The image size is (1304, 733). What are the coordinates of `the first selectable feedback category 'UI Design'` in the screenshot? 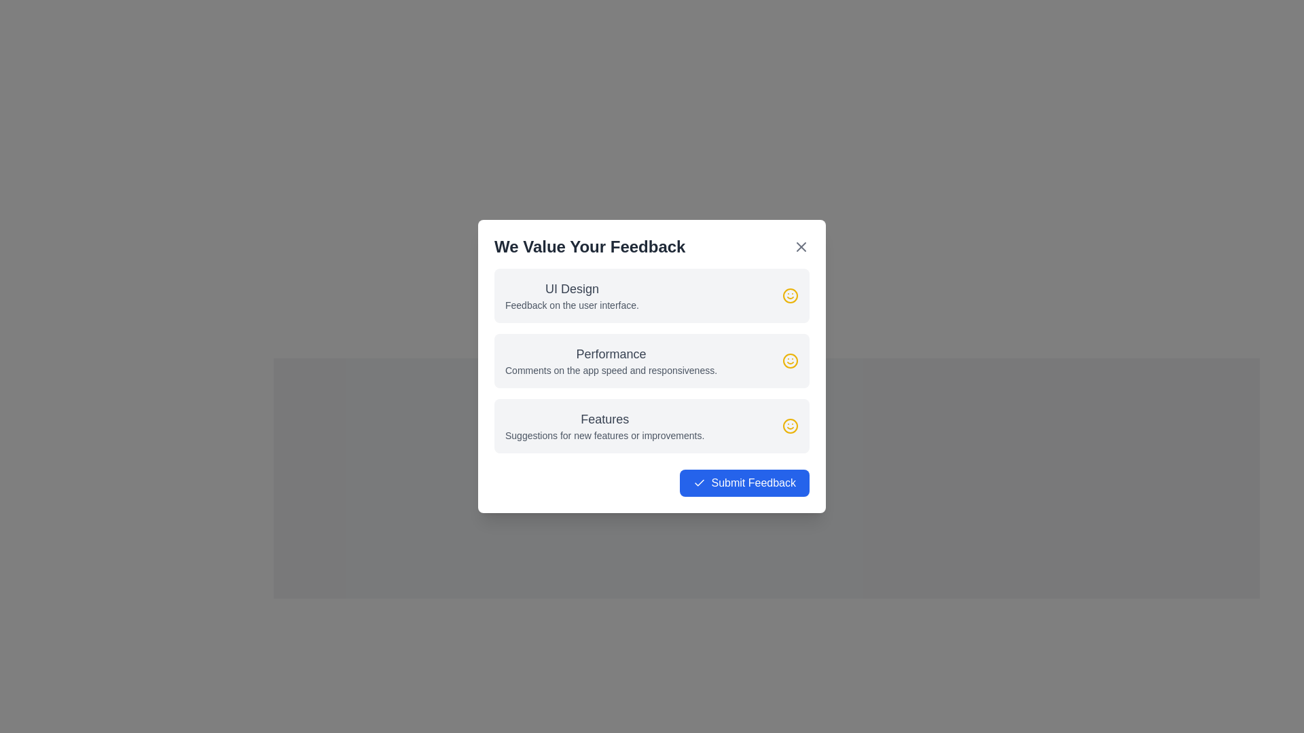 It's located at (652, 295).